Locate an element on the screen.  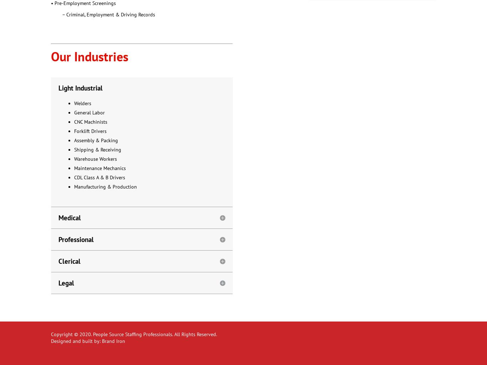
'Maintenance Mechanics' is located at coordinates (100, 168).